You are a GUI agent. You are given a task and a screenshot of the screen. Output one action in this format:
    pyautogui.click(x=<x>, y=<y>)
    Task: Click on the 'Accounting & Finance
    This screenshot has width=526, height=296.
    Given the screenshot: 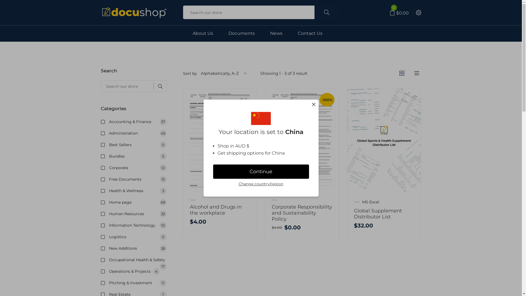 What is the action you would take?
    pyautogui.click(x=138, y=121)
    